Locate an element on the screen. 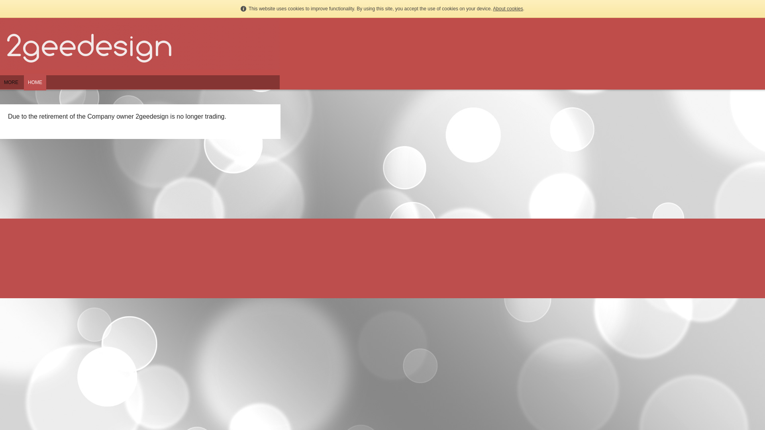 The height and width of the screenshot is (430, 765). 'About cookies' is located at coordinates (507, 9).